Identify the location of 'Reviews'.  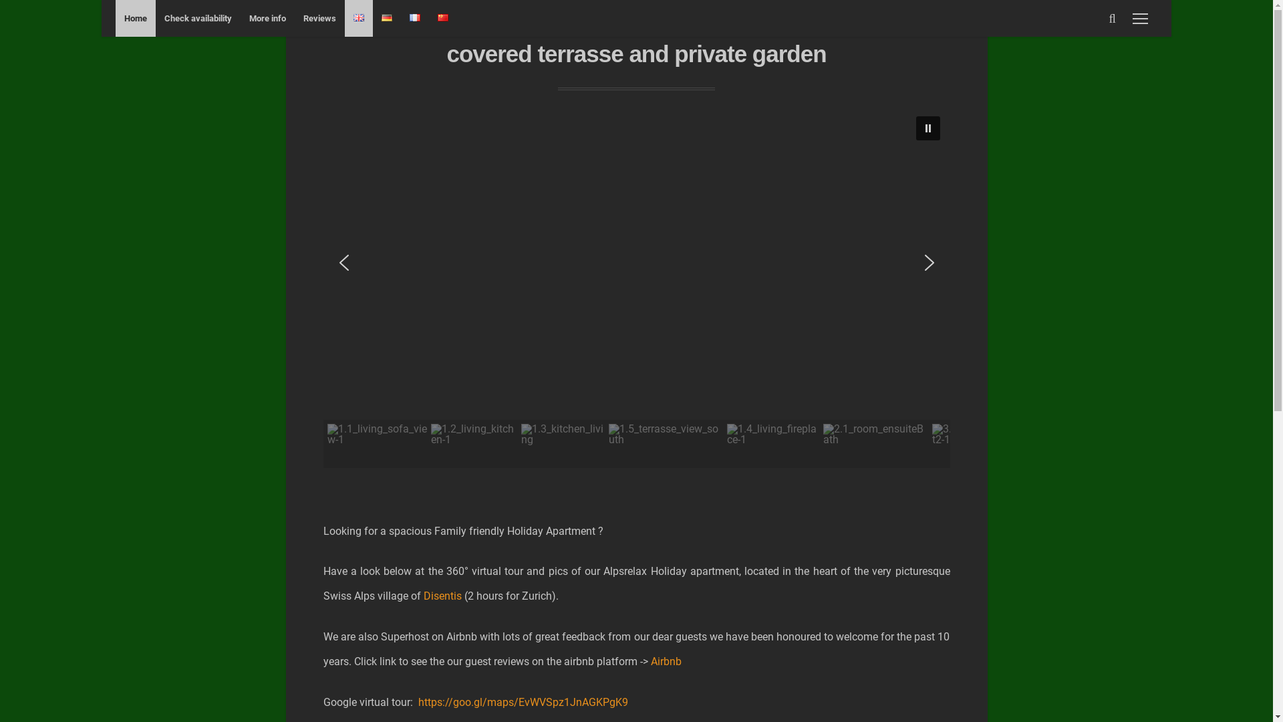
(319, 18).